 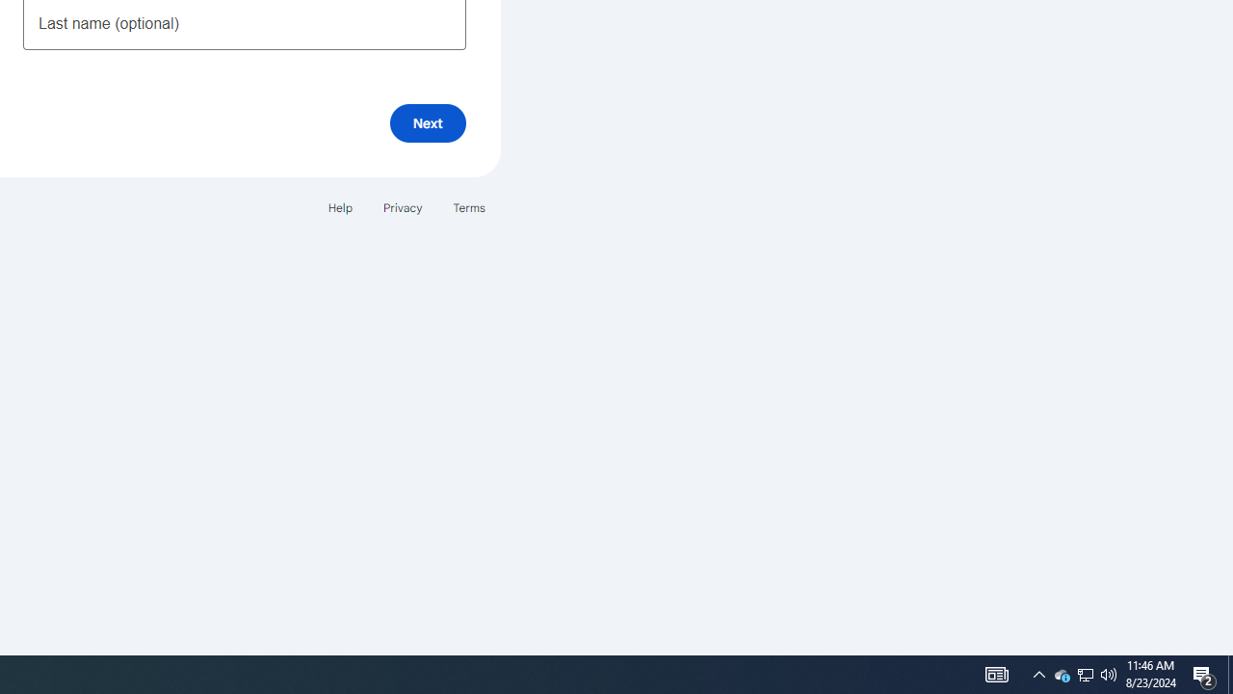 What do you see at coordinates (339, 207) in the screenshot?
I see `'Help'` at bounding box center [339, 207].